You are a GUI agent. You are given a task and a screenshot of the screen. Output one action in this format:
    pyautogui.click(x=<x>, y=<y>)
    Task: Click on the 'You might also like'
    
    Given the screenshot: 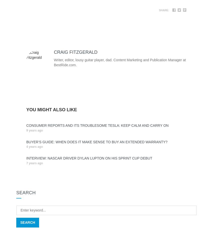 What is the action you would take?
    pyautogui.click(x=51, y=109)
    